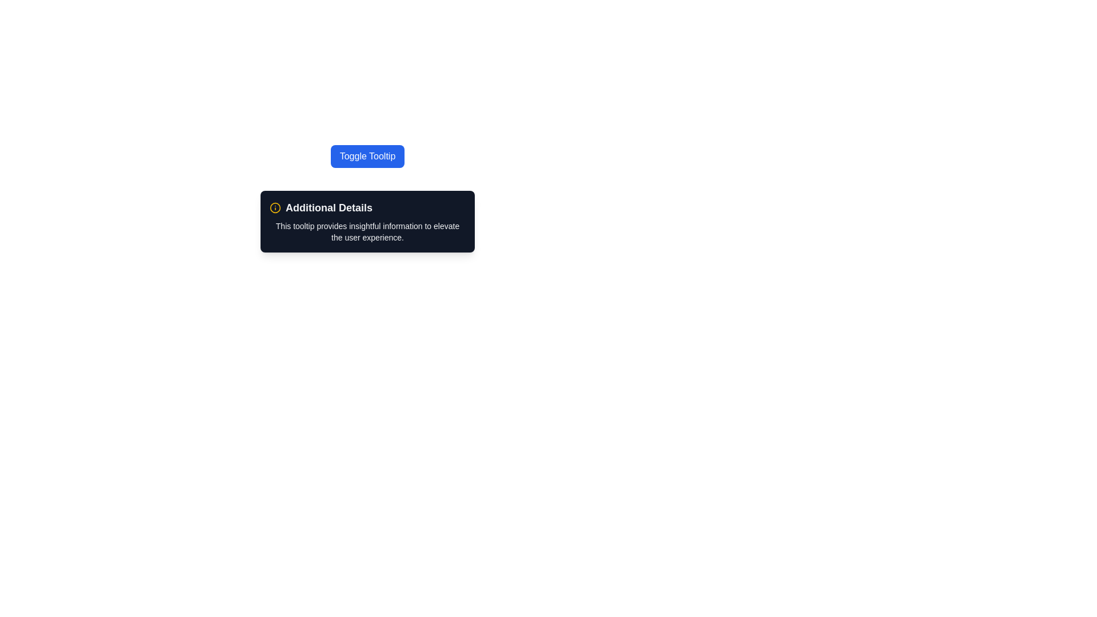 Image resolution: width=1097 pixels, height=617 pixels. Describe the element at coordinates (367, 156) in the screenshot. I see `the blue rectangular button labeled 'Toggle Tooltip'` at that location.